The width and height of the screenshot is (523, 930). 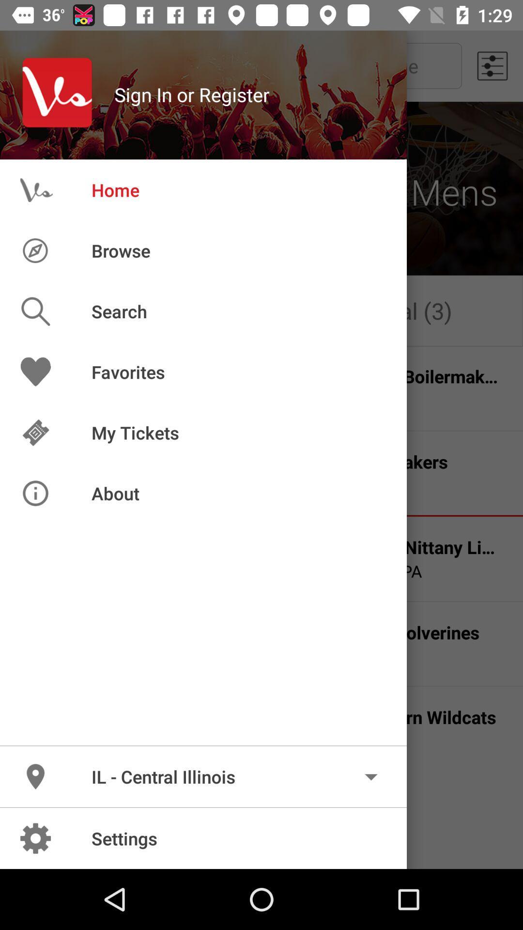 I want to click on the search image option, so click(x=50, y=311).